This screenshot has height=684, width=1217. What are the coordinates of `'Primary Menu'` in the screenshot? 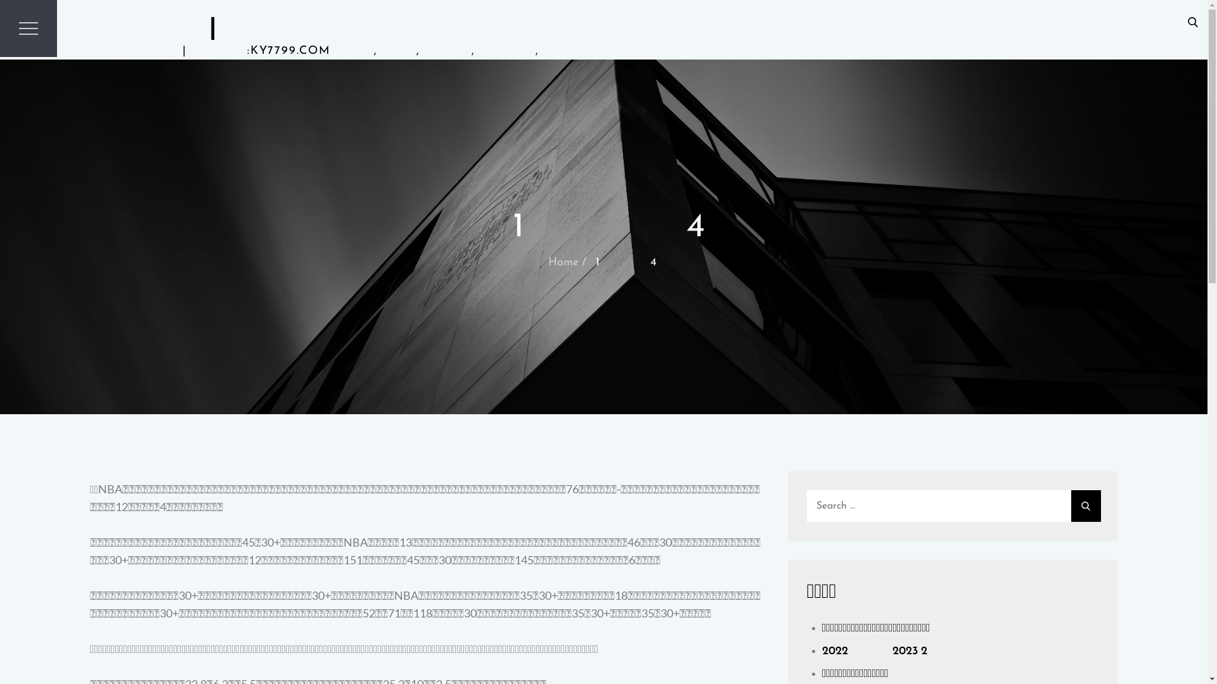 It's located at (28, 28).